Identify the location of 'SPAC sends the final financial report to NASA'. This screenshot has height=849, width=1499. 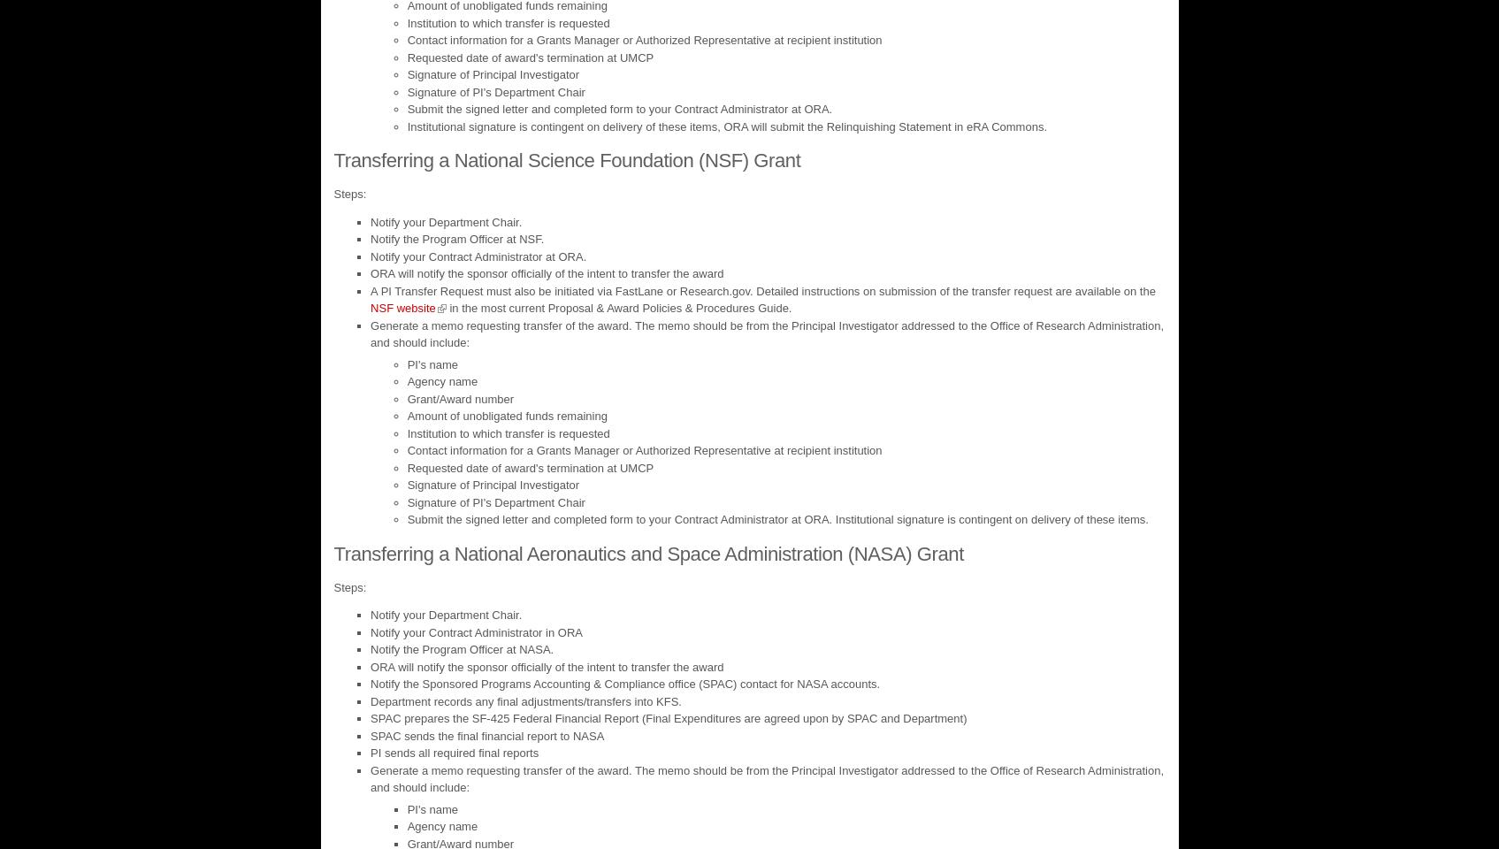
(487, 735).